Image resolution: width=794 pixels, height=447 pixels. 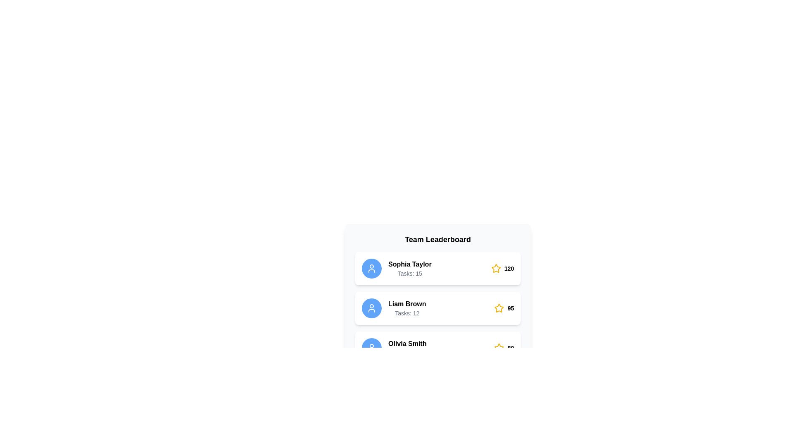 I want to click on the text label displaying the name 'Liam Brown', which is located in the second entry of the leaderboard list, so click(x=407, y=304).